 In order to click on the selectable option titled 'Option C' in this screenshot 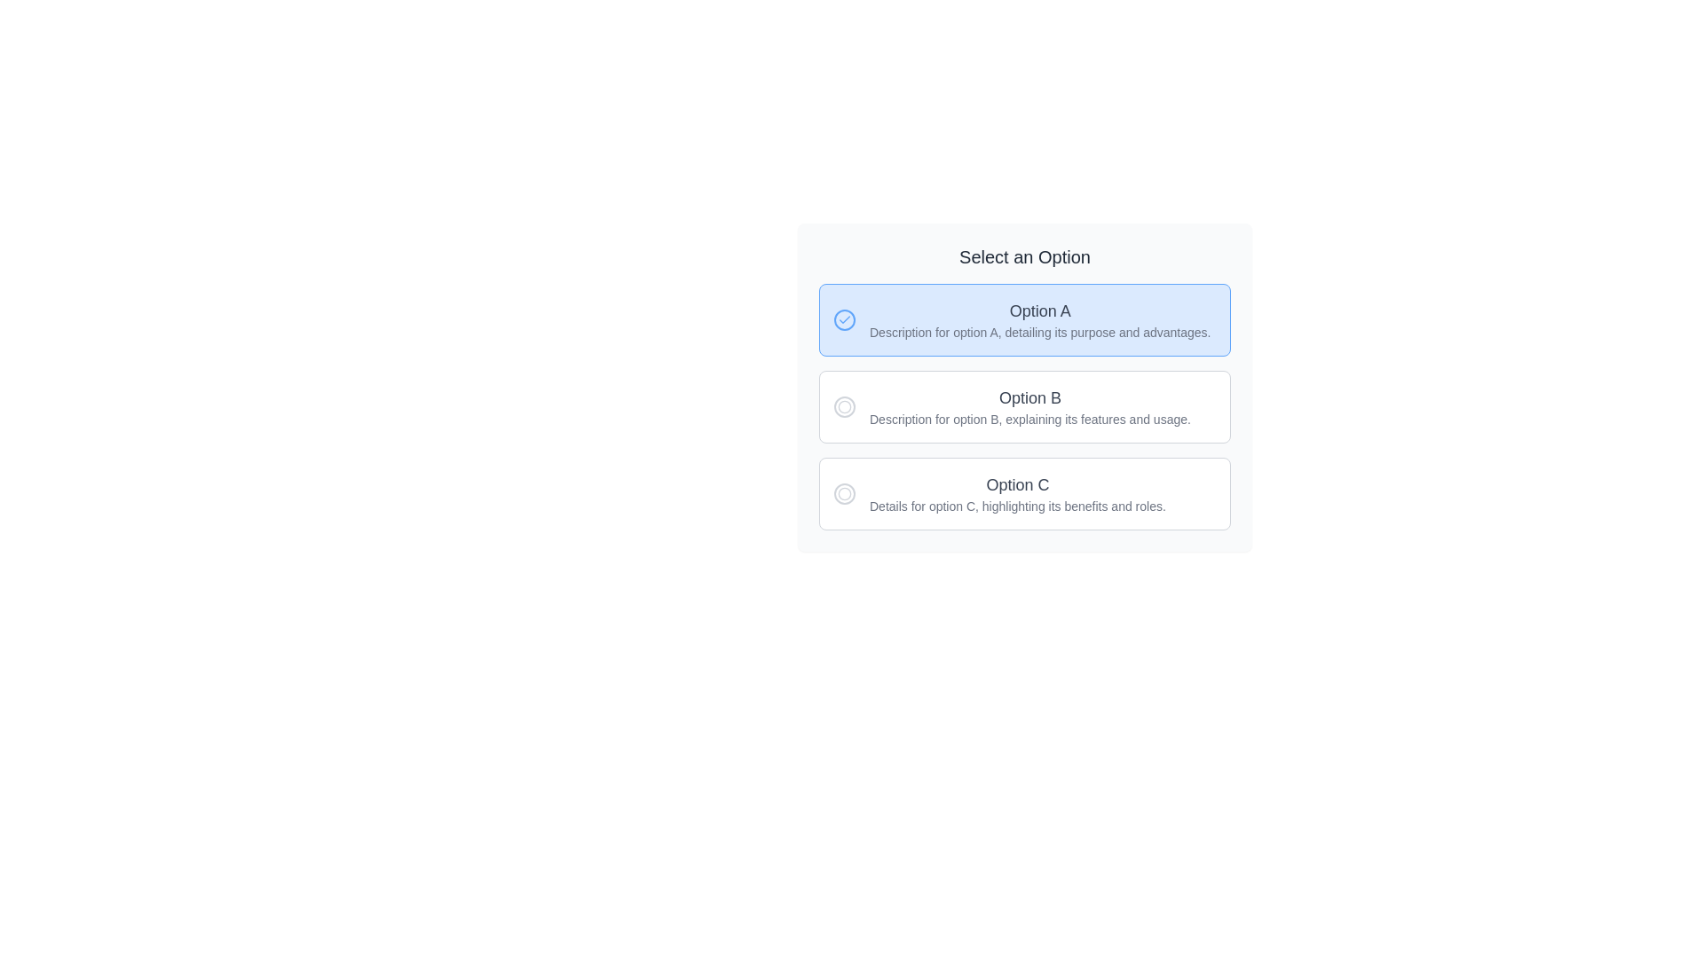, I will do `click(1018, 493)`.